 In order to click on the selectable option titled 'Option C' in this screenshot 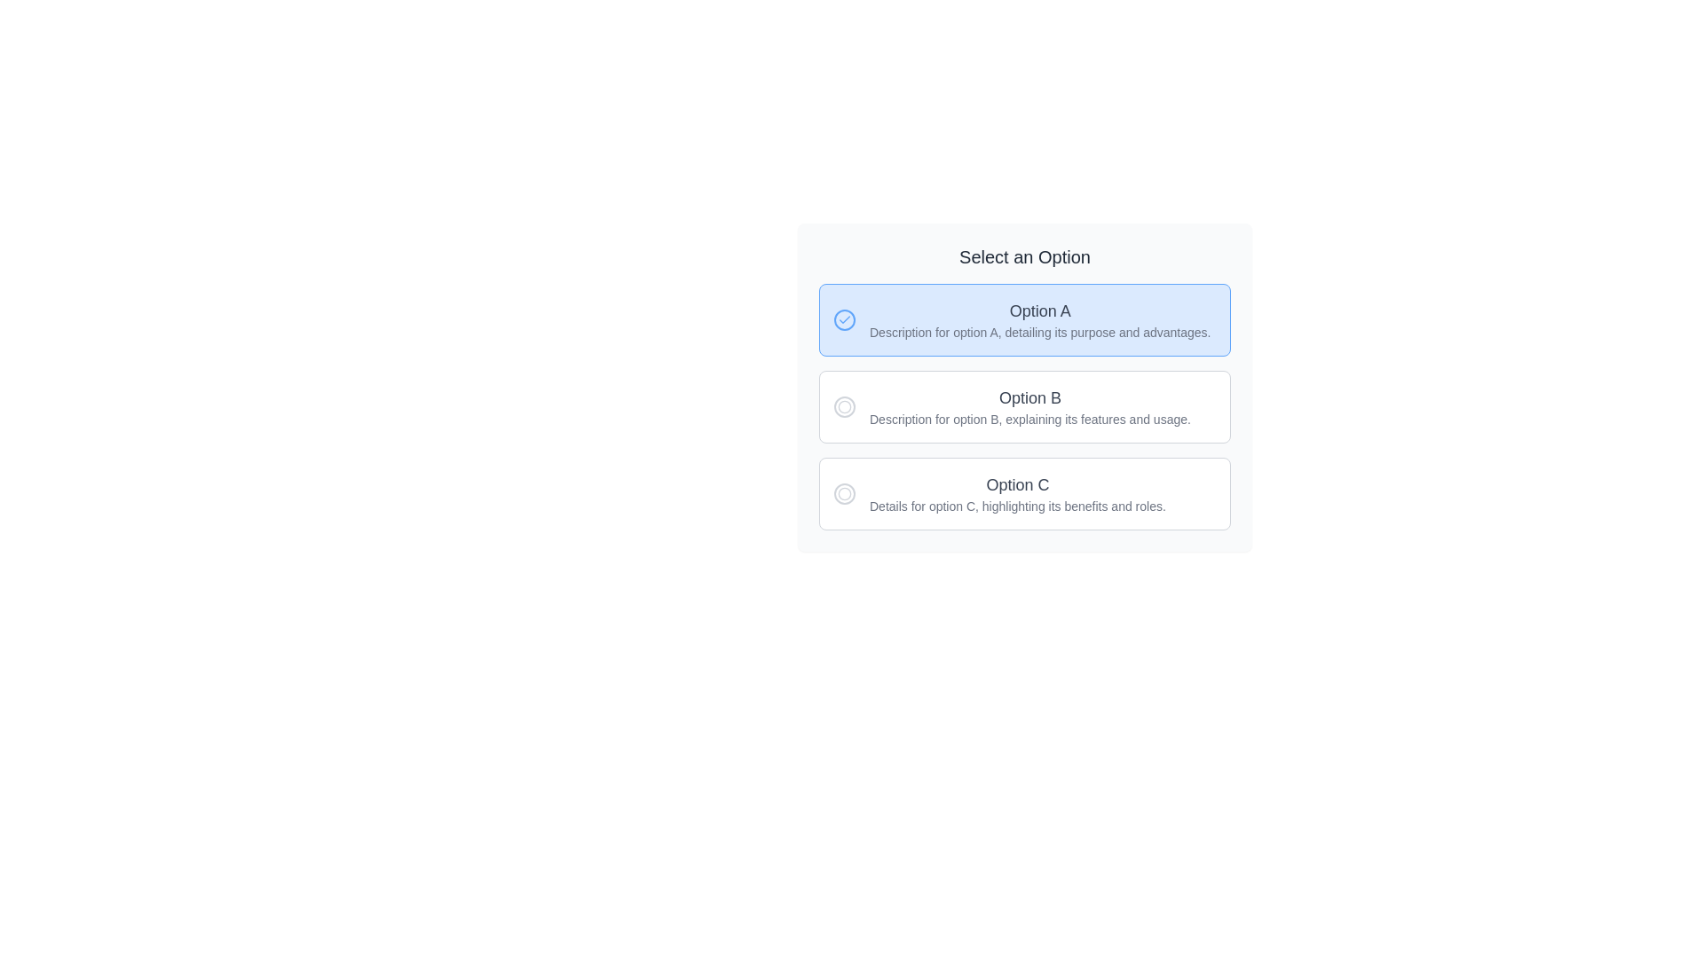, I will do `click(1018, 493)`.